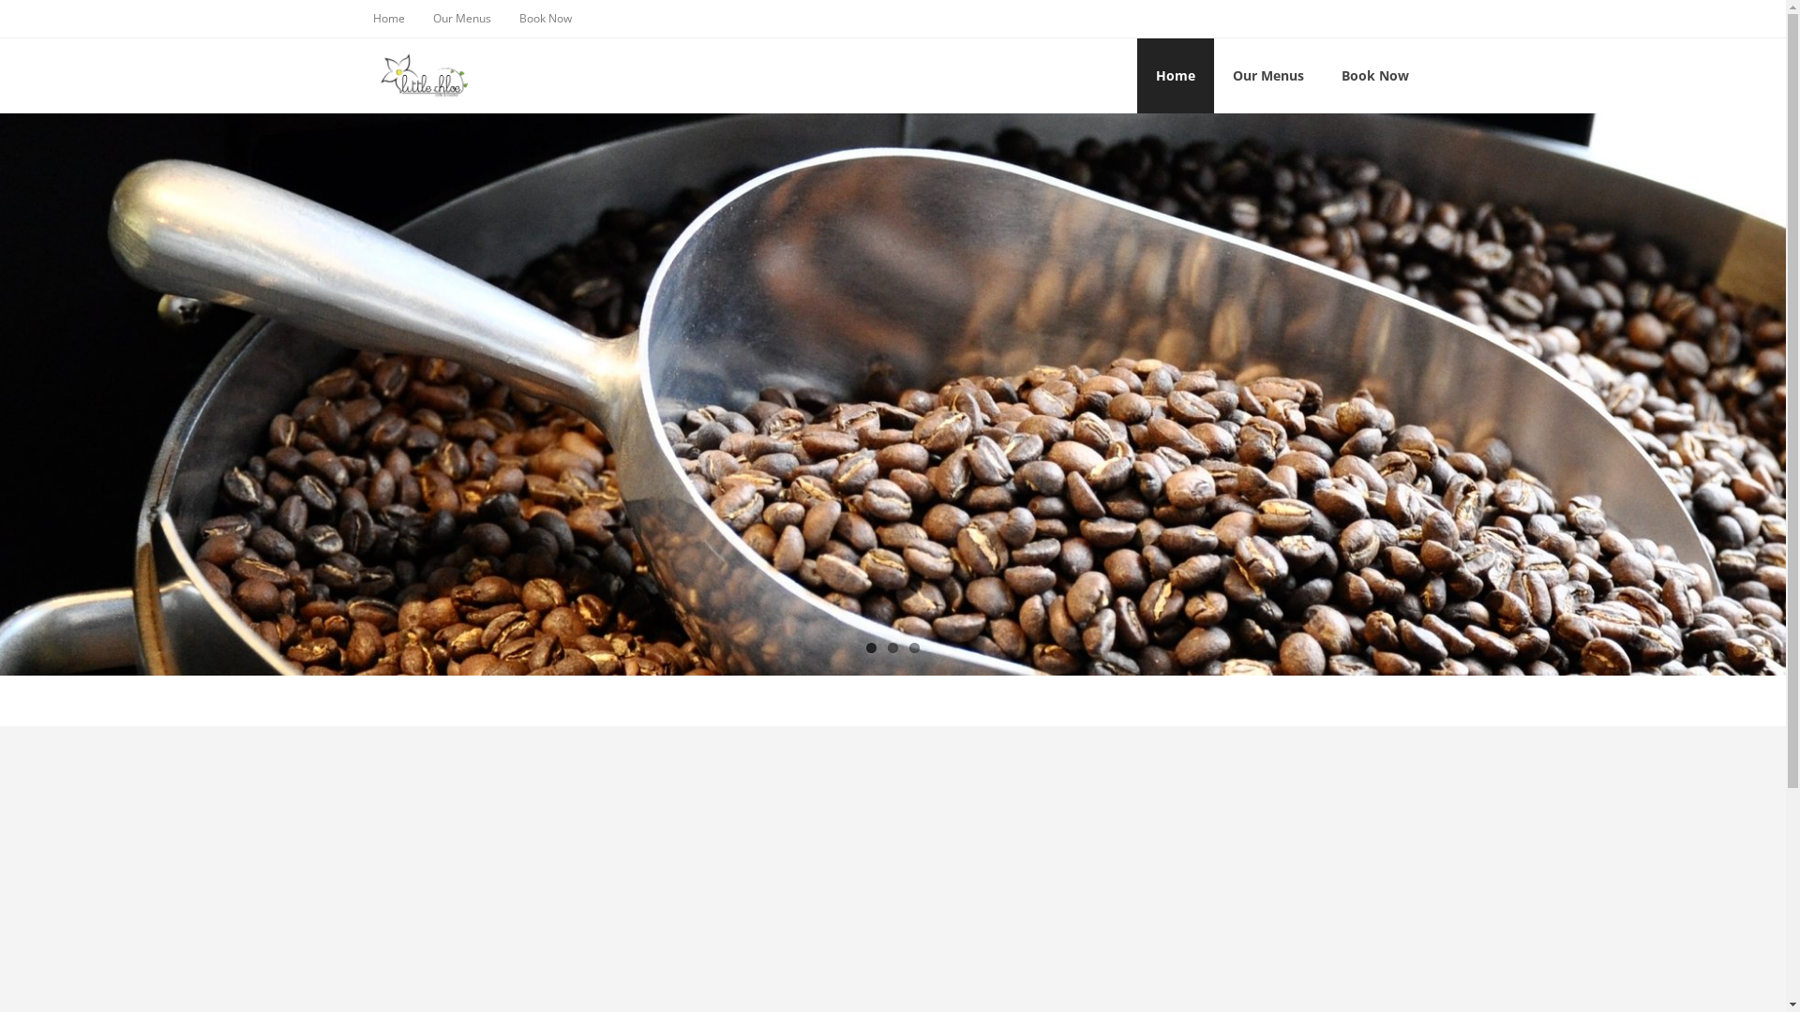 The height and width of the screenshot is (1012, 1800). I want to click on 'Our Menus', so click(460, 18).